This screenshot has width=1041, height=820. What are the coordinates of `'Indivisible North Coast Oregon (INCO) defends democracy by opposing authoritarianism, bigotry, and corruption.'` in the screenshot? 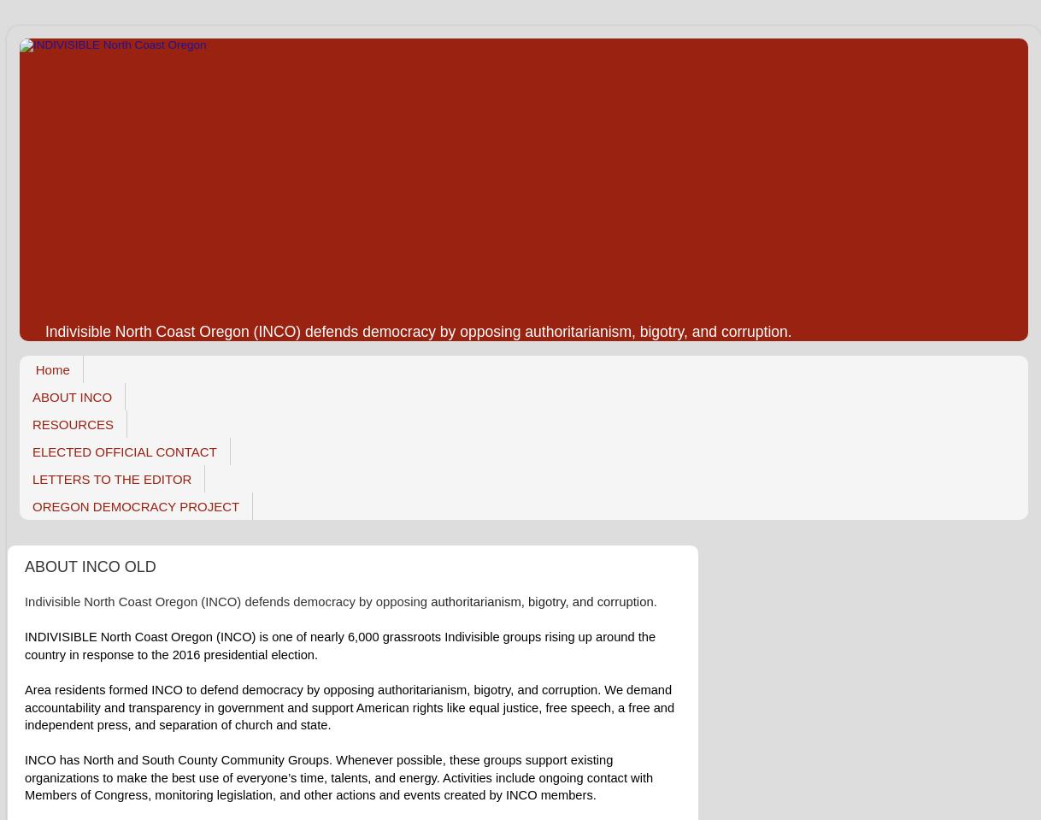 It's located at (417, 330).